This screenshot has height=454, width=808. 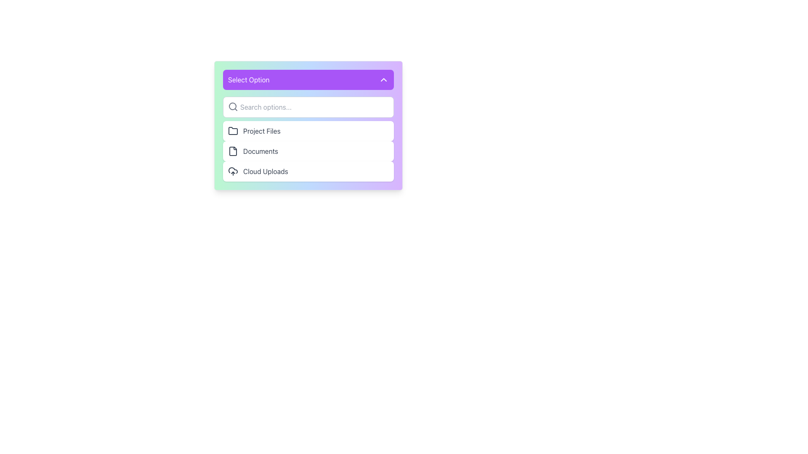 I want to click on the folder icon located to the left of the 'Project Files' label, so click(x=233, y=131).